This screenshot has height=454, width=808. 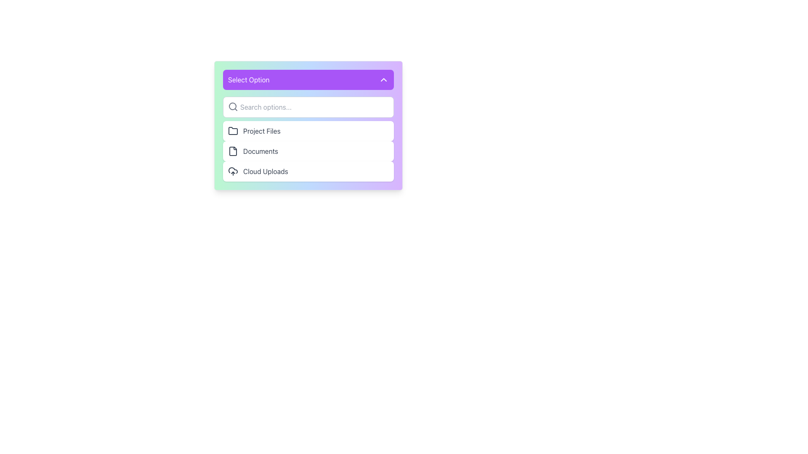 I want to click on the folder icon located to the left of the 'Project Files' label, so click(x=233, y=131).